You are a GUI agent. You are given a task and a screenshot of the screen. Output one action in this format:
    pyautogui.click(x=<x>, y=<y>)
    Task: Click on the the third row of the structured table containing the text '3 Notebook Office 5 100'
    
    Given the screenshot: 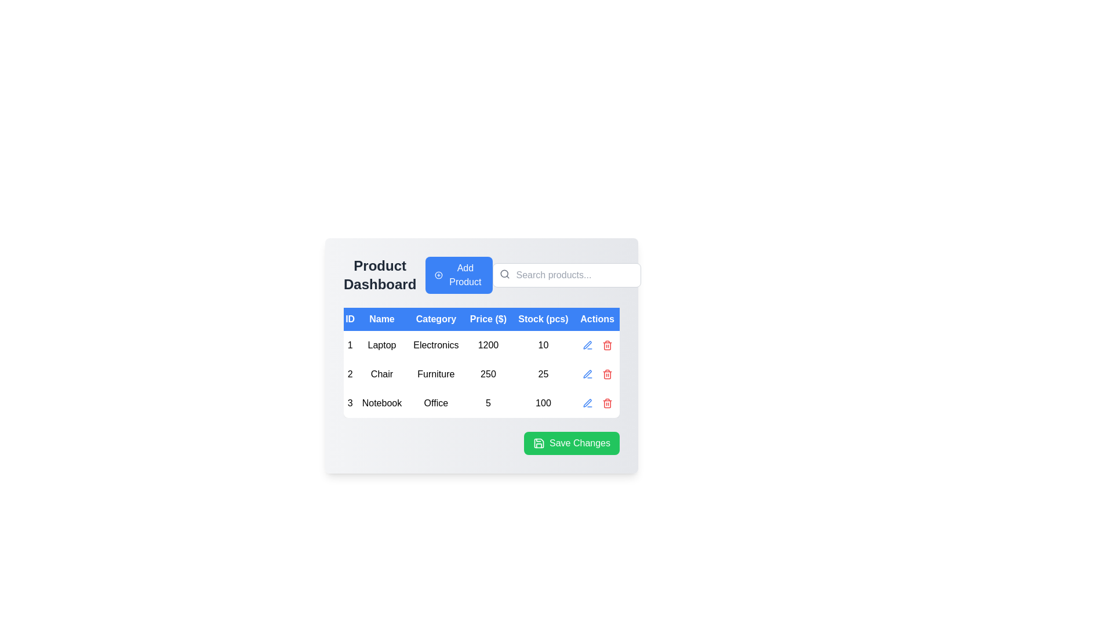 What is the action you would take?
    pyautogui.click(x=481, y=402)
    